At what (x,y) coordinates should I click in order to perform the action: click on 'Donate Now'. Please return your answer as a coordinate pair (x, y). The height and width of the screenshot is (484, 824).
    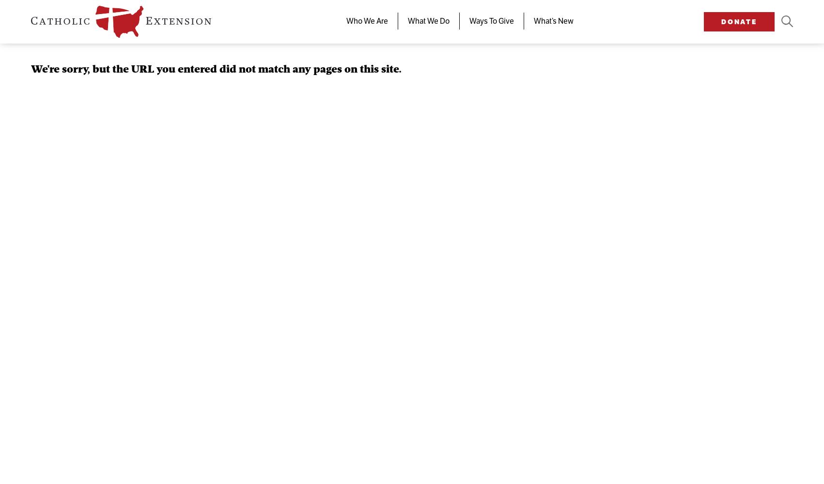
    Looking at the image, I should click on (490, 267).